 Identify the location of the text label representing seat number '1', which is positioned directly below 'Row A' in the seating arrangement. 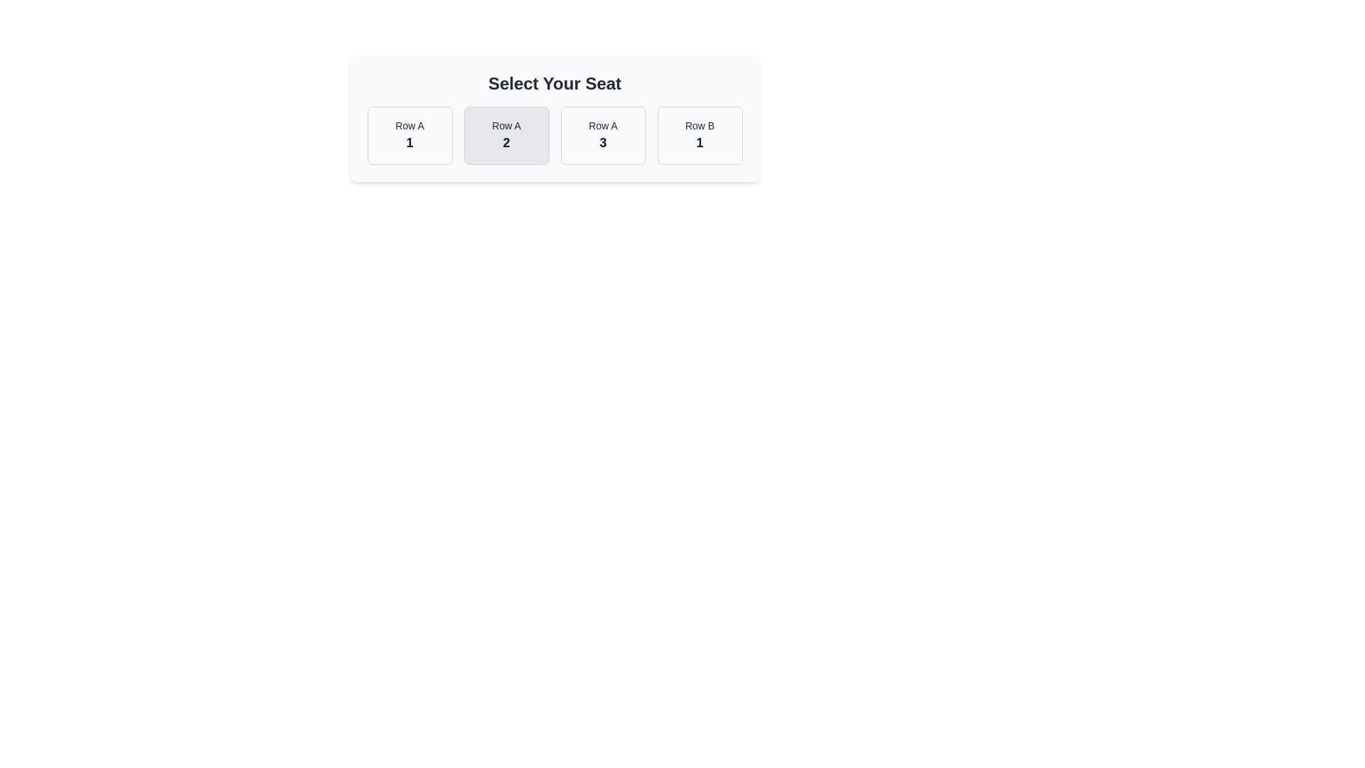
(409, 142).